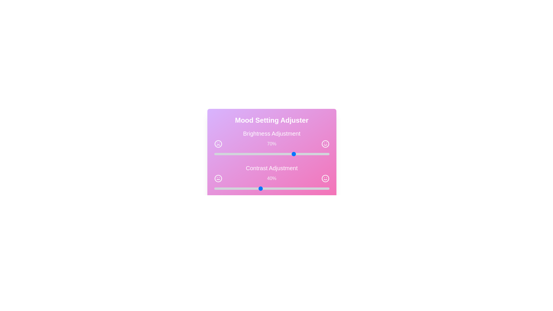 The image size is (553, 311). I want to click on the frown icon adjacent to the brightness slider, so click(218, 144).